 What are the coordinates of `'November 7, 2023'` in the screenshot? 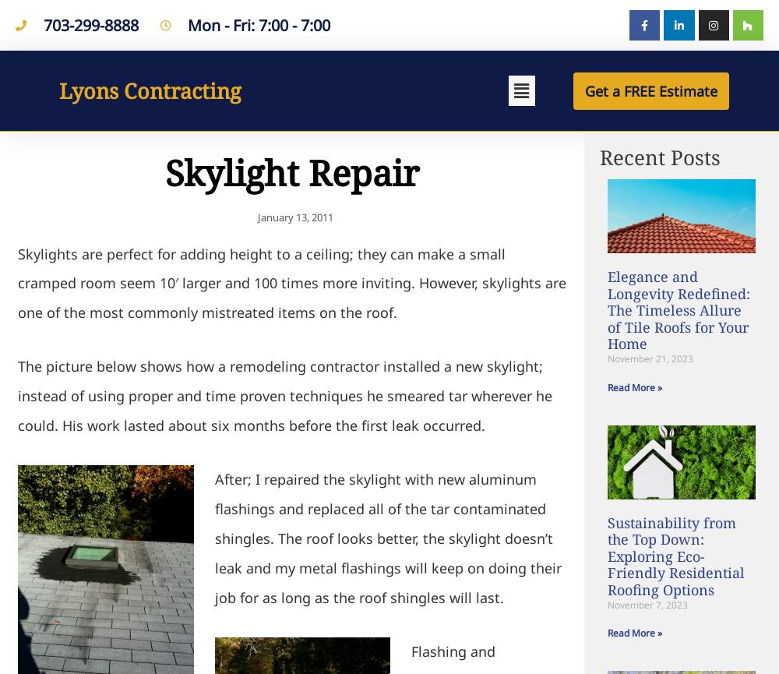 It's located at (647, 603).